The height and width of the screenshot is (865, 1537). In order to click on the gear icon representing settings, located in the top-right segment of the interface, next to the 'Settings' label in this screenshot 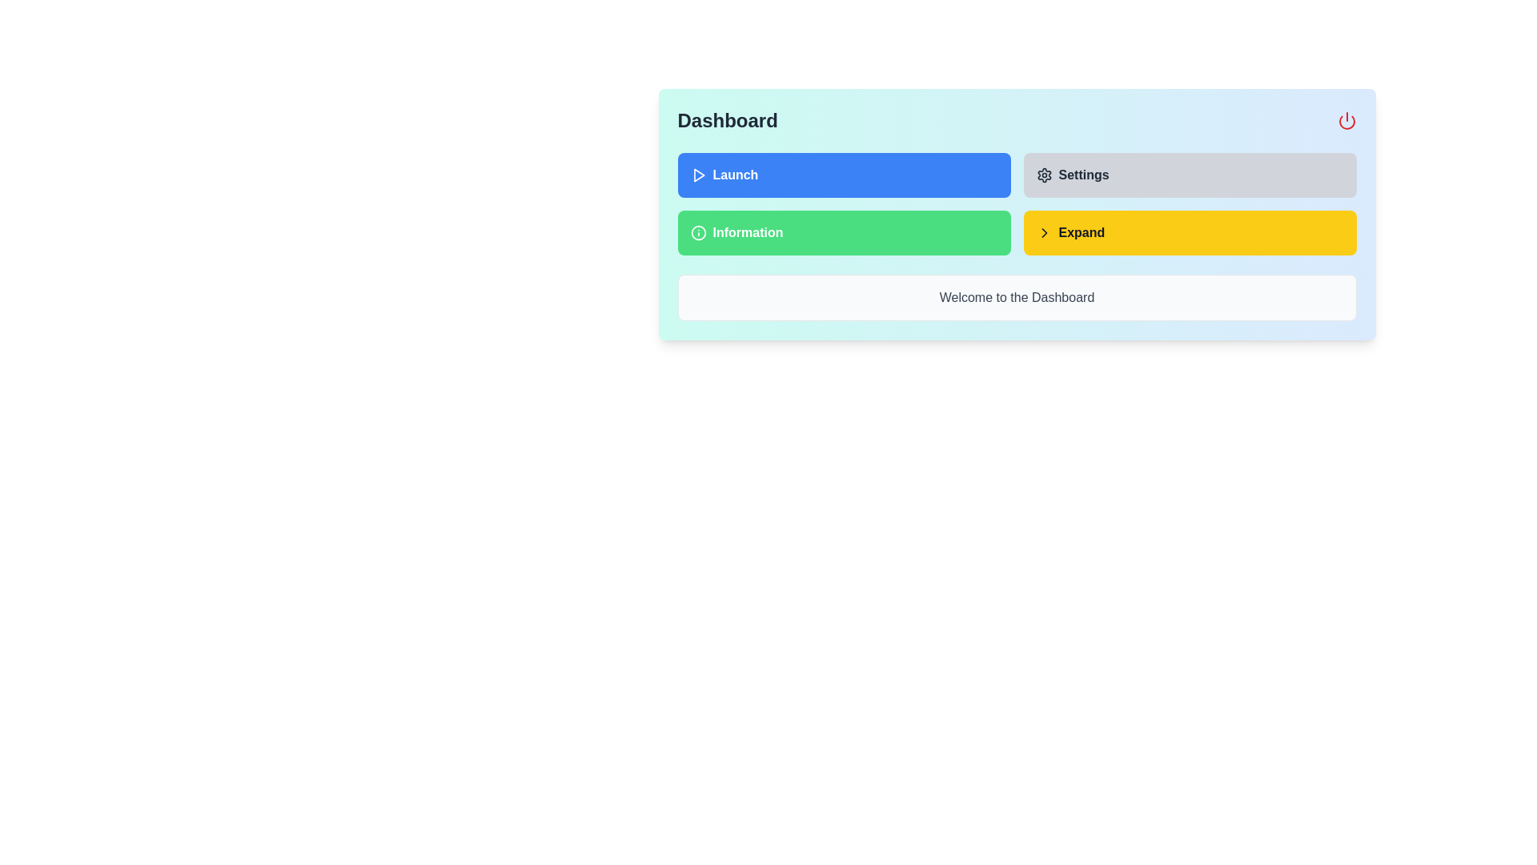, I will do `click(1044, 175)`.